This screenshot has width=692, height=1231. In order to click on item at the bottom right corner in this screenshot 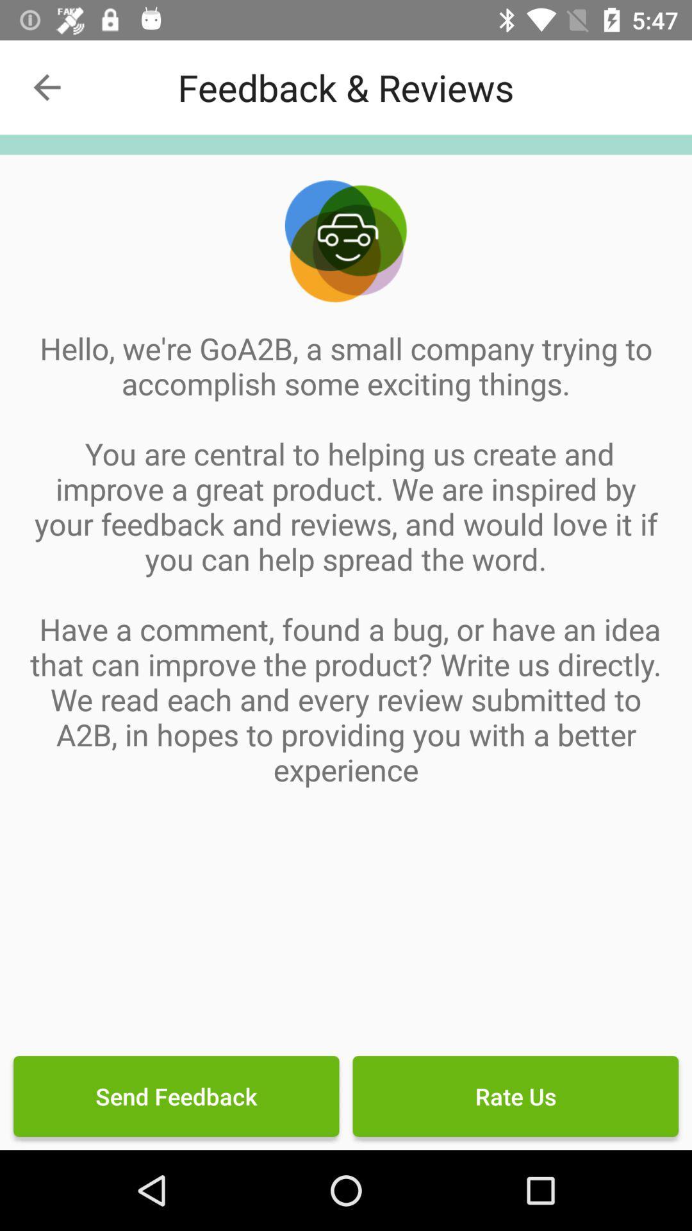, I will do `click(515, 1095)`.